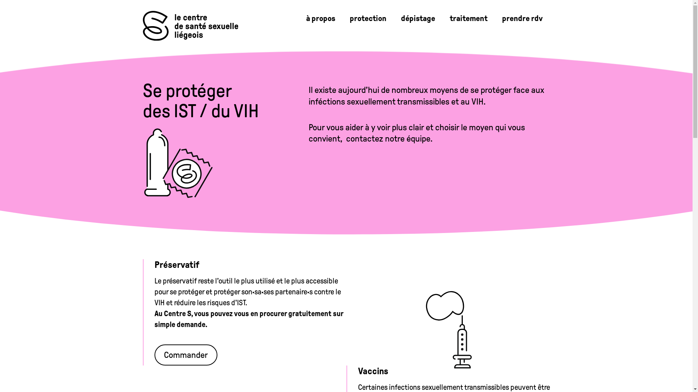  I want to click on 'prendre rdv', so click(521, 18).